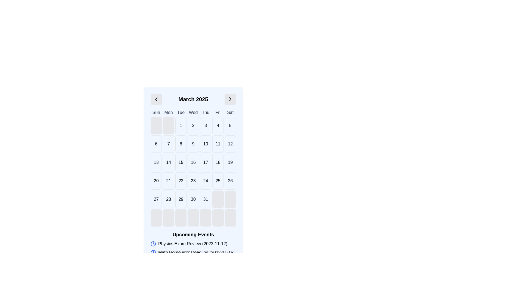 Image resolution: width=522 pixels, height=293 pixels. Describe the element at coordinates (181, 181) in the screenshot. I see `the Calendar Day Cell containing the number '22'` at that location.